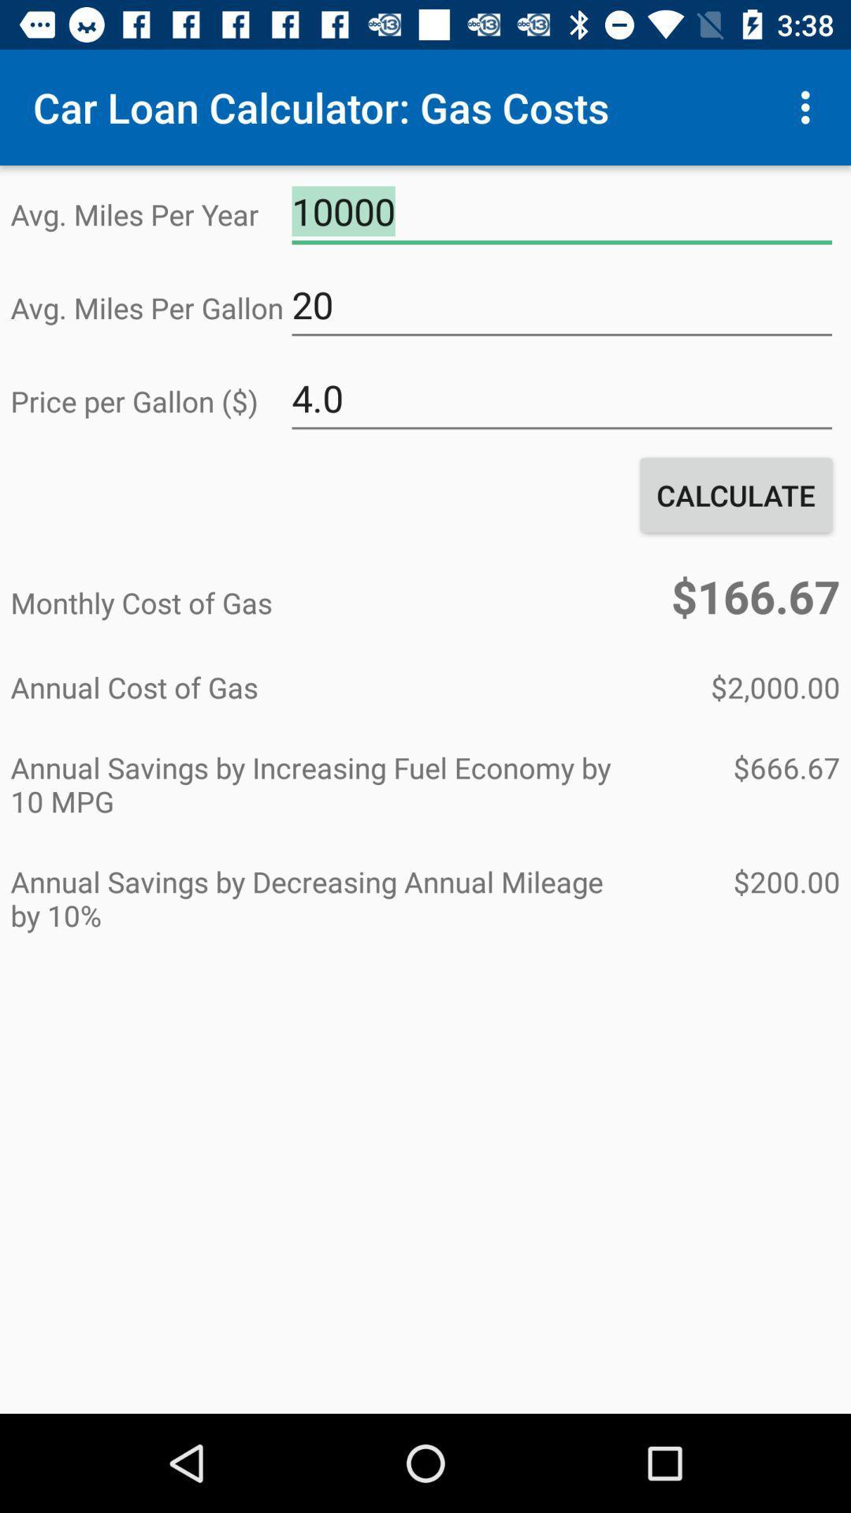 This screenshot has width=851, height=1513. Describe the element at coordinates (561, 211) in the screenshot. I see `the 10000` at that location.